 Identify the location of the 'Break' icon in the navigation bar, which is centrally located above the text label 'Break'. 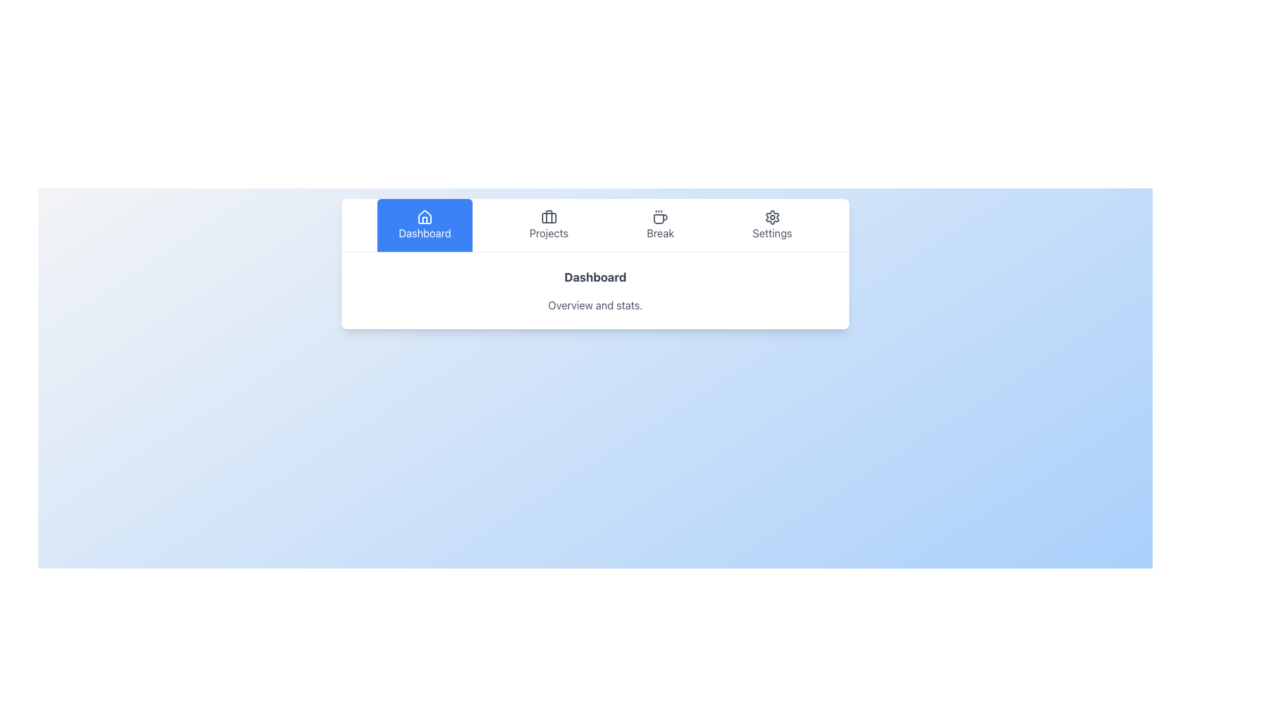
(660, 216).